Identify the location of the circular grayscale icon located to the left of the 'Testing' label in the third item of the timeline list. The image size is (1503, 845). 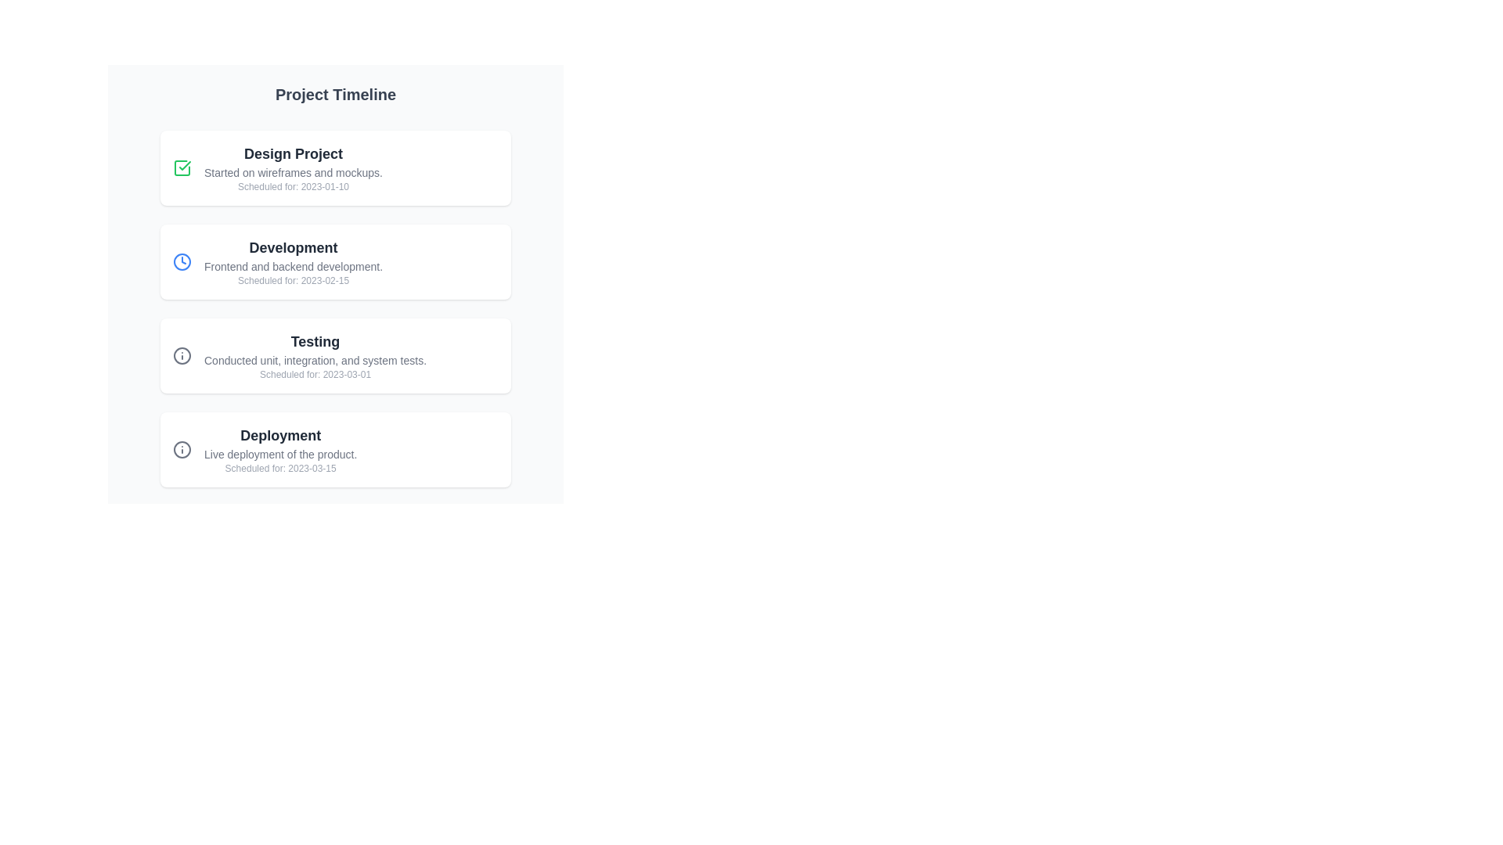
(182, 356).